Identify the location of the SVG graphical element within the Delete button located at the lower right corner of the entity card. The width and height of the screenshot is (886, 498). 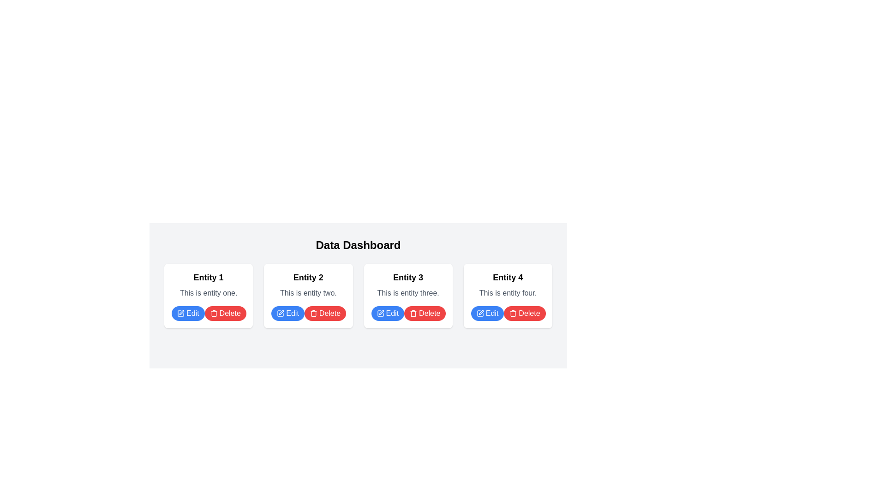
(213, 314).